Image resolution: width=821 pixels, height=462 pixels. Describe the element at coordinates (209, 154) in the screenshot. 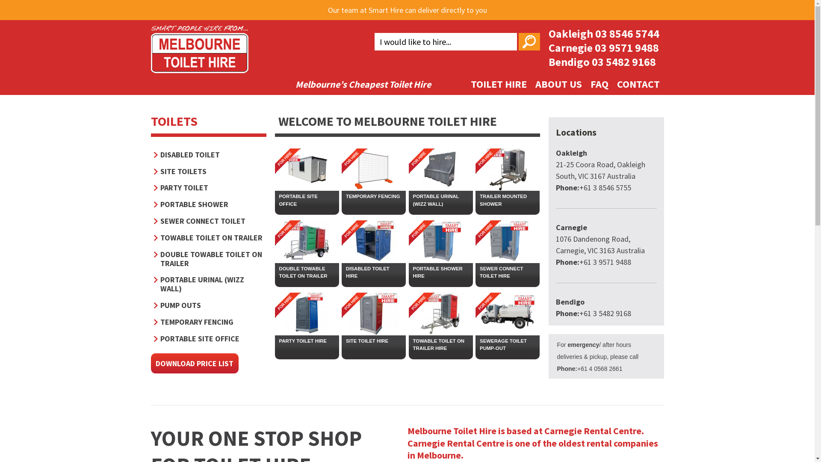

I see `'DISABLED TOILET'` at that location.